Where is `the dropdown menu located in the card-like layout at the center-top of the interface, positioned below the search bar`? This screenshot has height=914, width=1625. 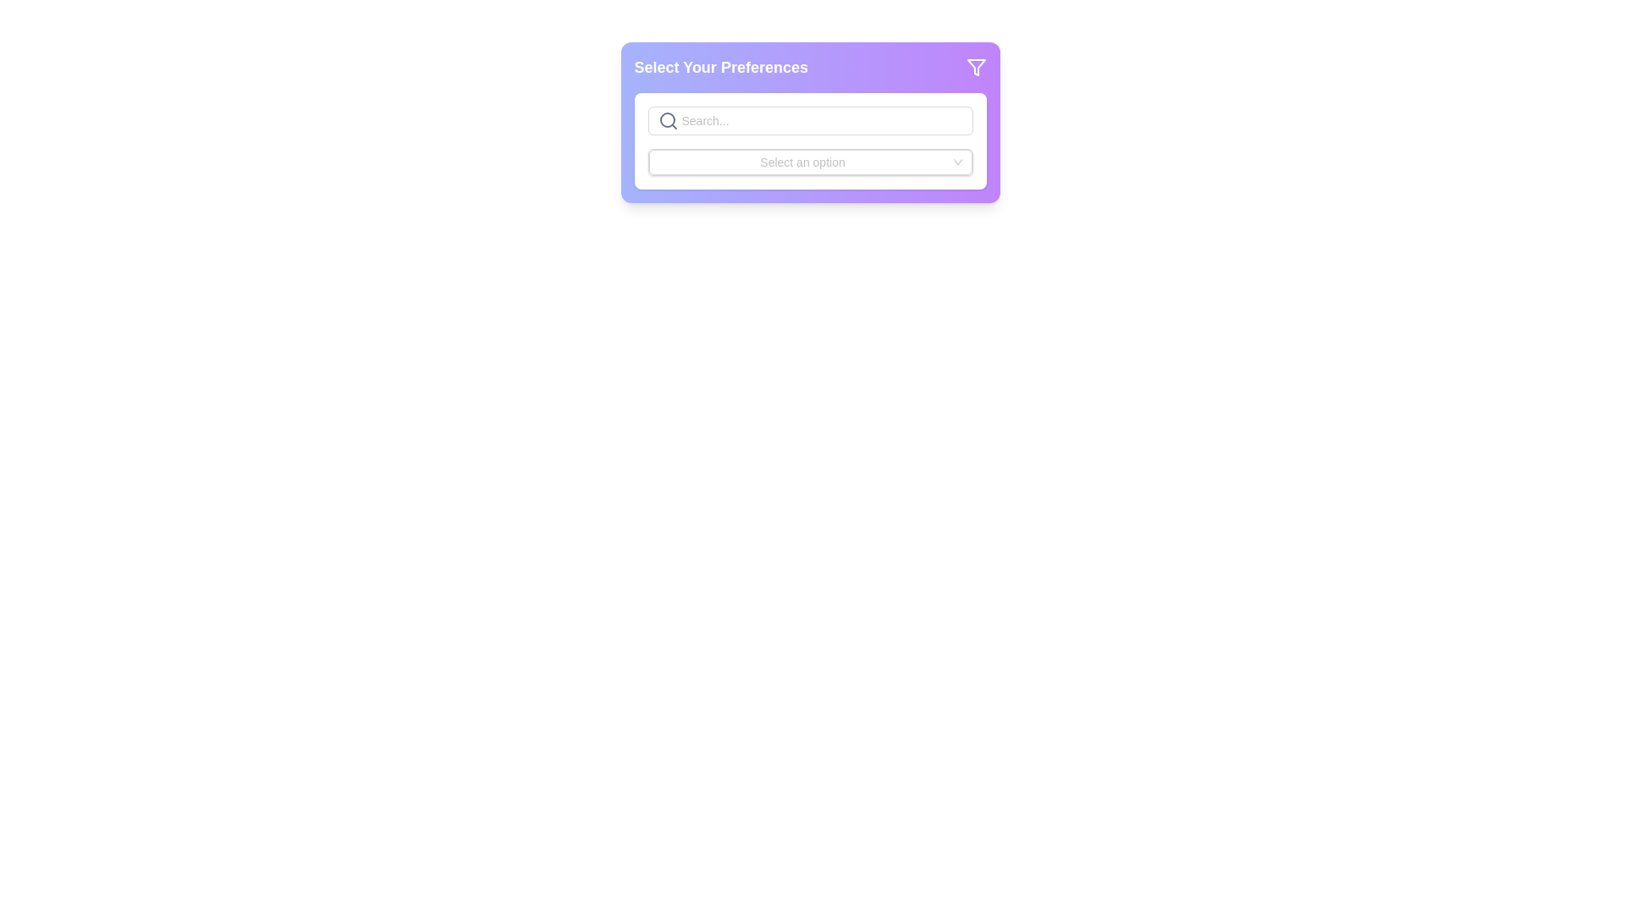 the dropdown menu located in the card-like layout at the center-top of the interface, positioned below the search bar is located at coordinates (809, 162).